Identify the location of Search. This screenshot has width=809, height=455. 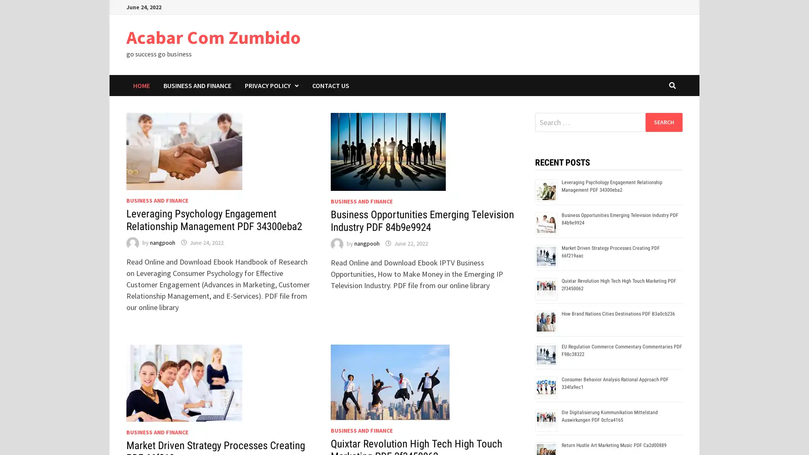
(663, 122).